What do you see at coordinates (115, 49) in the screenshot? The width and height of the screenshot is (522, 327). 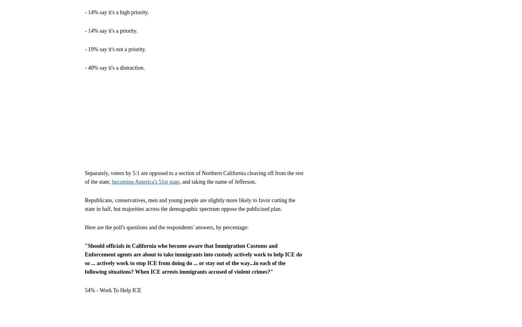 I see `'- 19% say it's not a priority.'` at bounding box center [115, 49].